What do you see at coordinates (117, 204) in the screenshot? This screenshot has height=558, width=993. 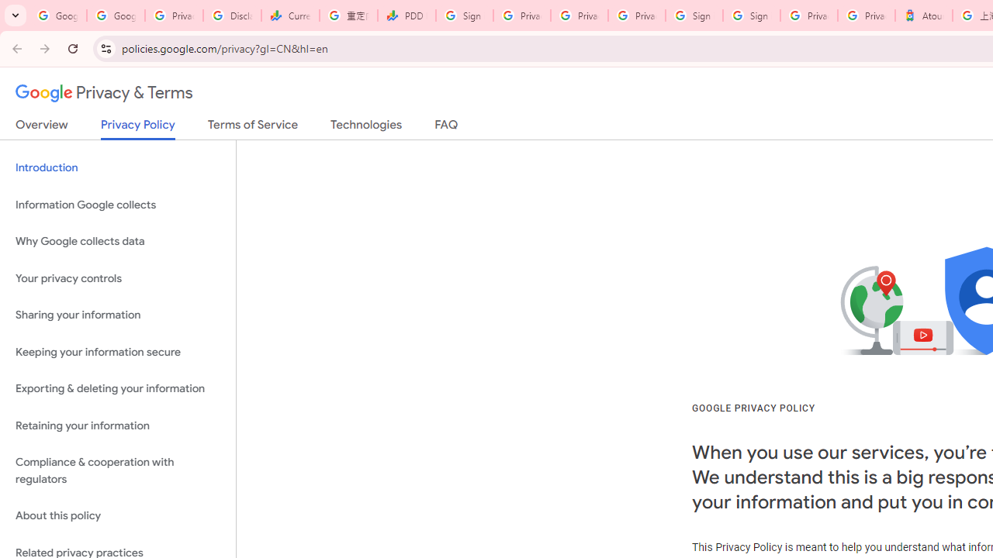 I see `'Information Google collects'` at bounding box center [117, 204].